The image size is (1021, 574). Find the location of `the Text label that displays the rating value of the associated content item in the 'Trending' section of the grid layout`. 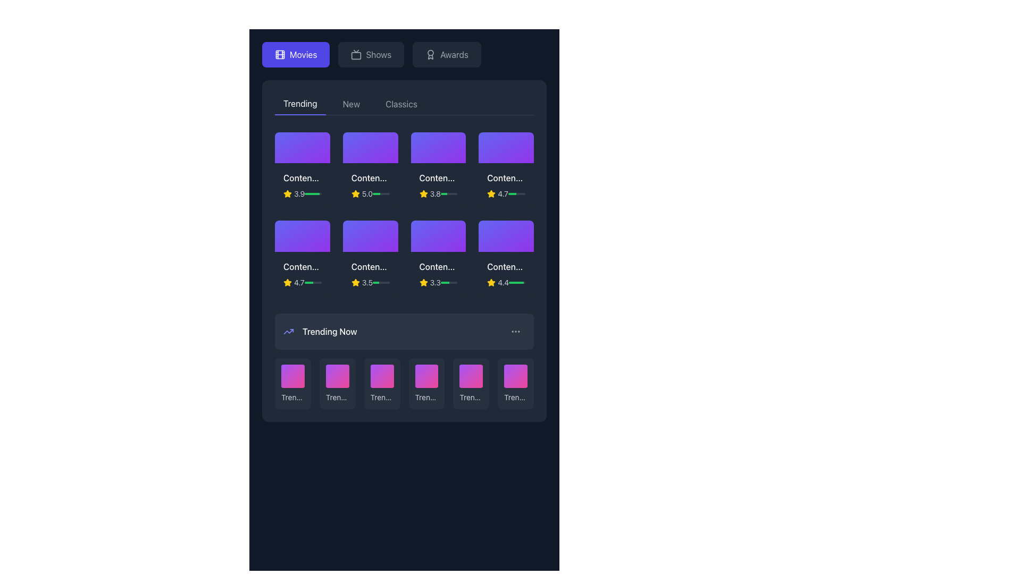

the Text label that displays the rating value of the associated content item in the 'Trending' section of the grid layout is located at coordinates (294, 282).